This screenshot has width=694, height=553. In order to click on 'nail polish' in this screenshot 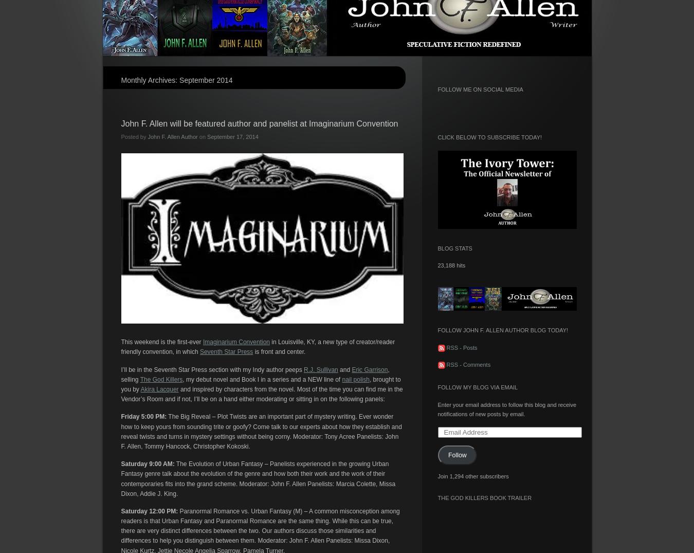, I will do `click(342, 379)`.